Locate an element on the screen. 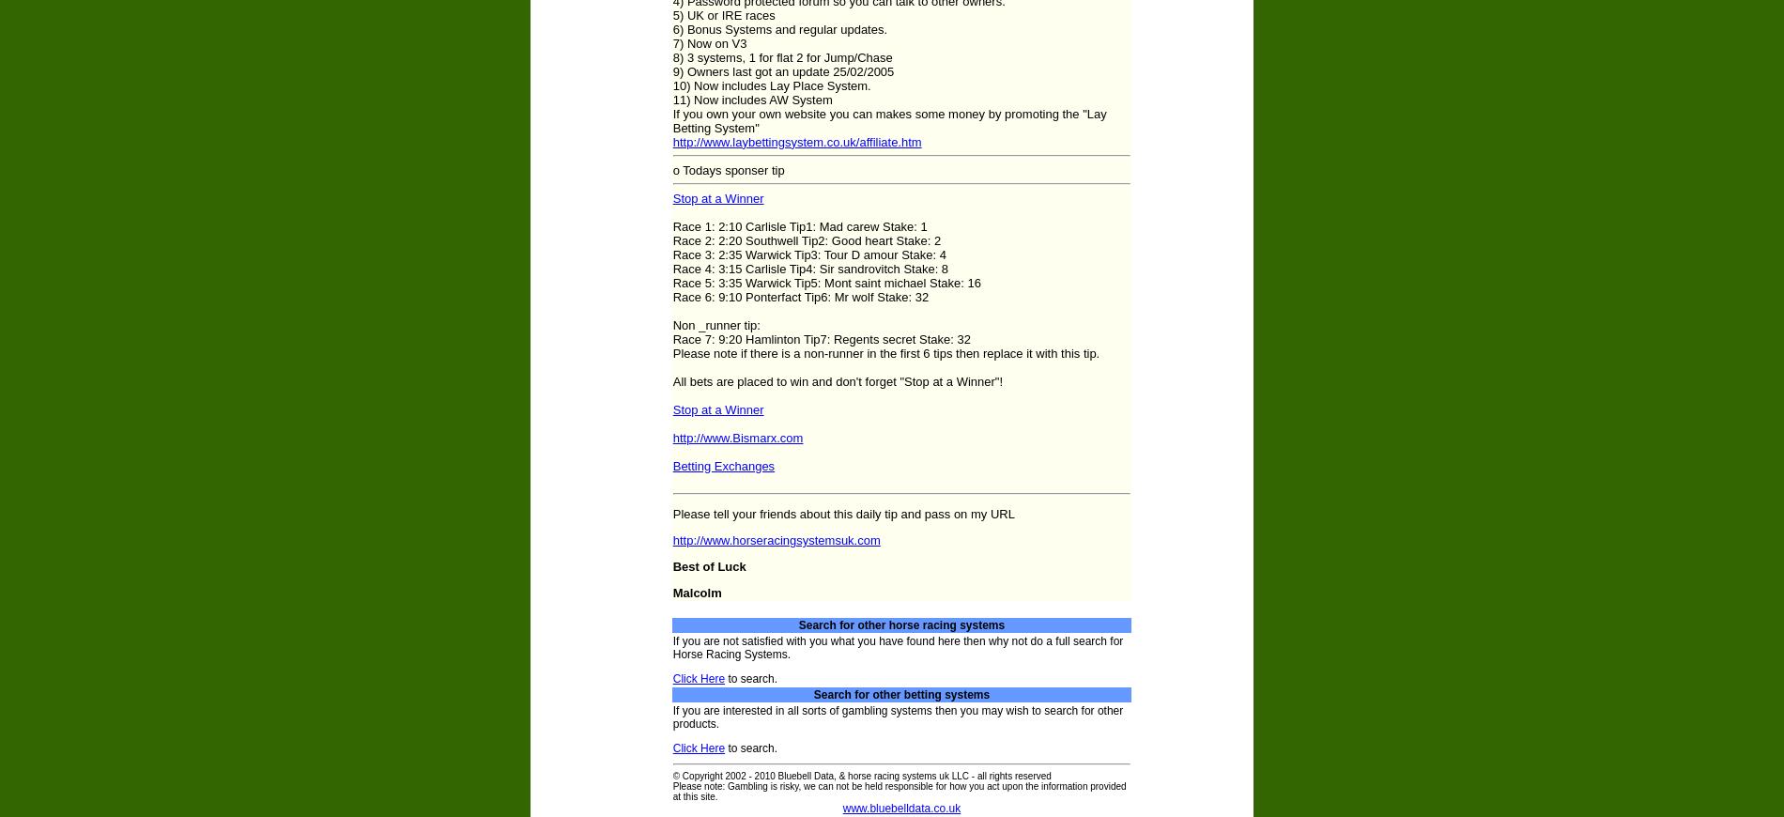 This screenshot has height=817, width=1784. 'If you are interested in all sorts of gambling systems then
					 you may wish to search for other products.' is located at coordinates (670, 717).